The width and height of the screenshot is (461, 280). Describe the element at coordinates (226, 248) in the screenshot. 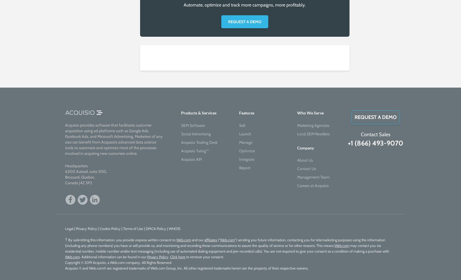

I see `'may contact you via residential number, mobile number and/or text messaging (including use of automated dialing equipment and pre-recorded calls). You are not required to give your consent as a condition of making a purchase with'` at that location.